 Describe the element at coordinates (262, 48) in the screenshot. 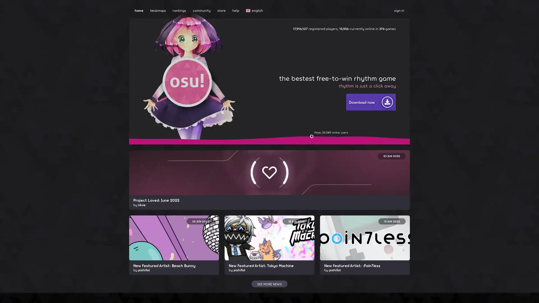

I see `cesky` at that location.